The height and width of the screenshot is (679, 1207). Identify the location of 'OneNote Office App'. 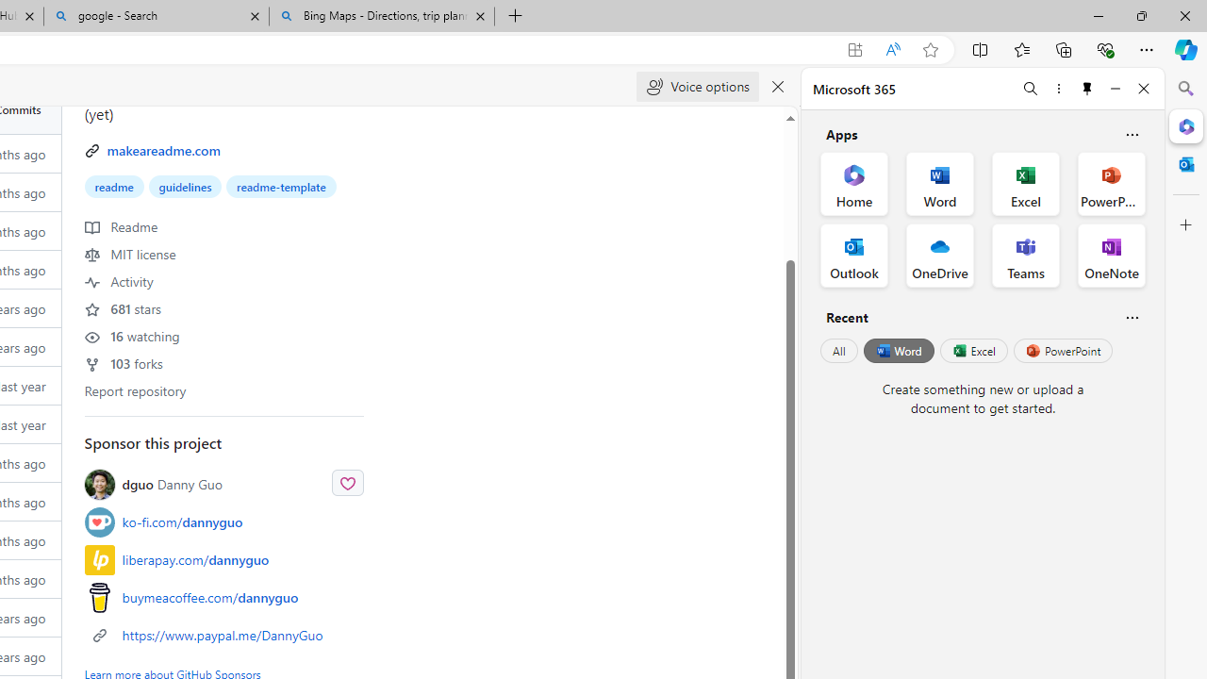
(1111, 256).